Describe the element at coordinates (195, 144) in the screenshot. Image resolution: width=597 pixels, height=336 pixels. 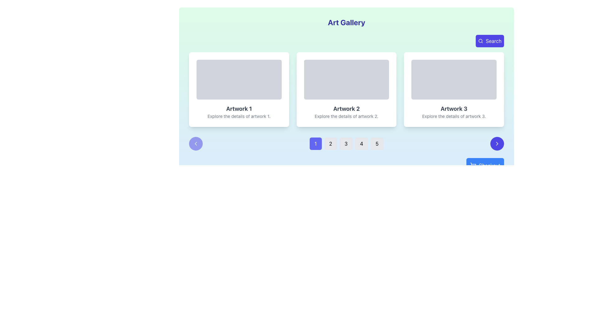
I see `the navigation button located on the far left side of the pagination area` at that location.